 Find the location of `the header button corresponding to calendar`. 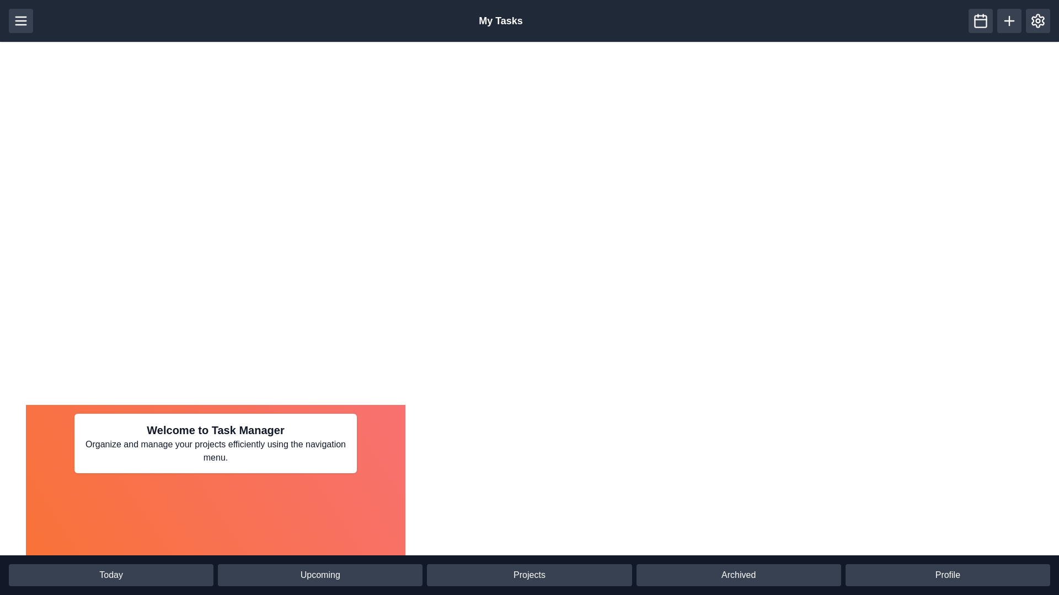

the header button corresponding to calendar is located at coordinates (980, 21).